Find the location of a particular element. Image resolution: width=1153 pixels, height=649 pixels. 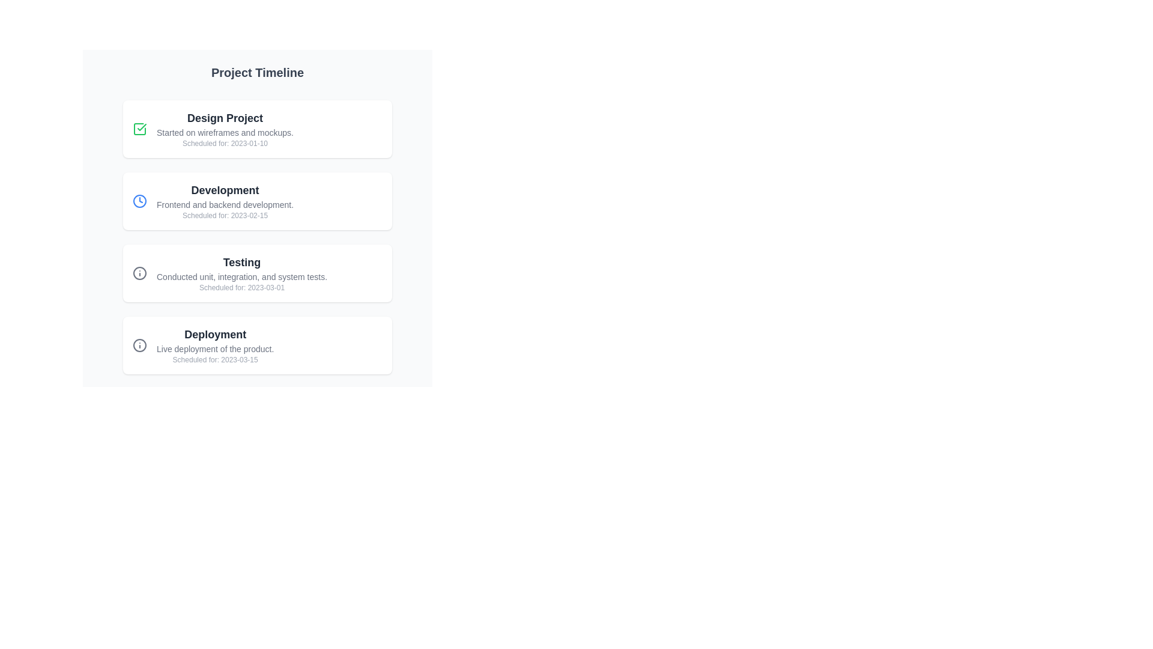

the title text element of the first card, which summarizes the main theme or topic of the content presented in the card is located at coordinates (225, 118).